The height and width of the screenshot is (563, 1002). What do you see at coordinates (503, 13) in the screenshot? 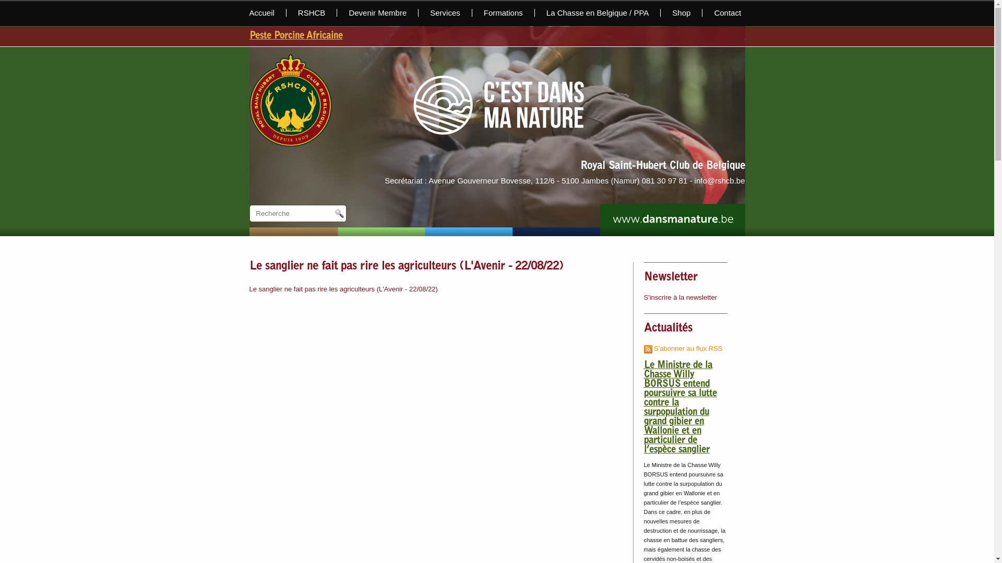
I see `'Formations'` at bounding box center [503, 13].